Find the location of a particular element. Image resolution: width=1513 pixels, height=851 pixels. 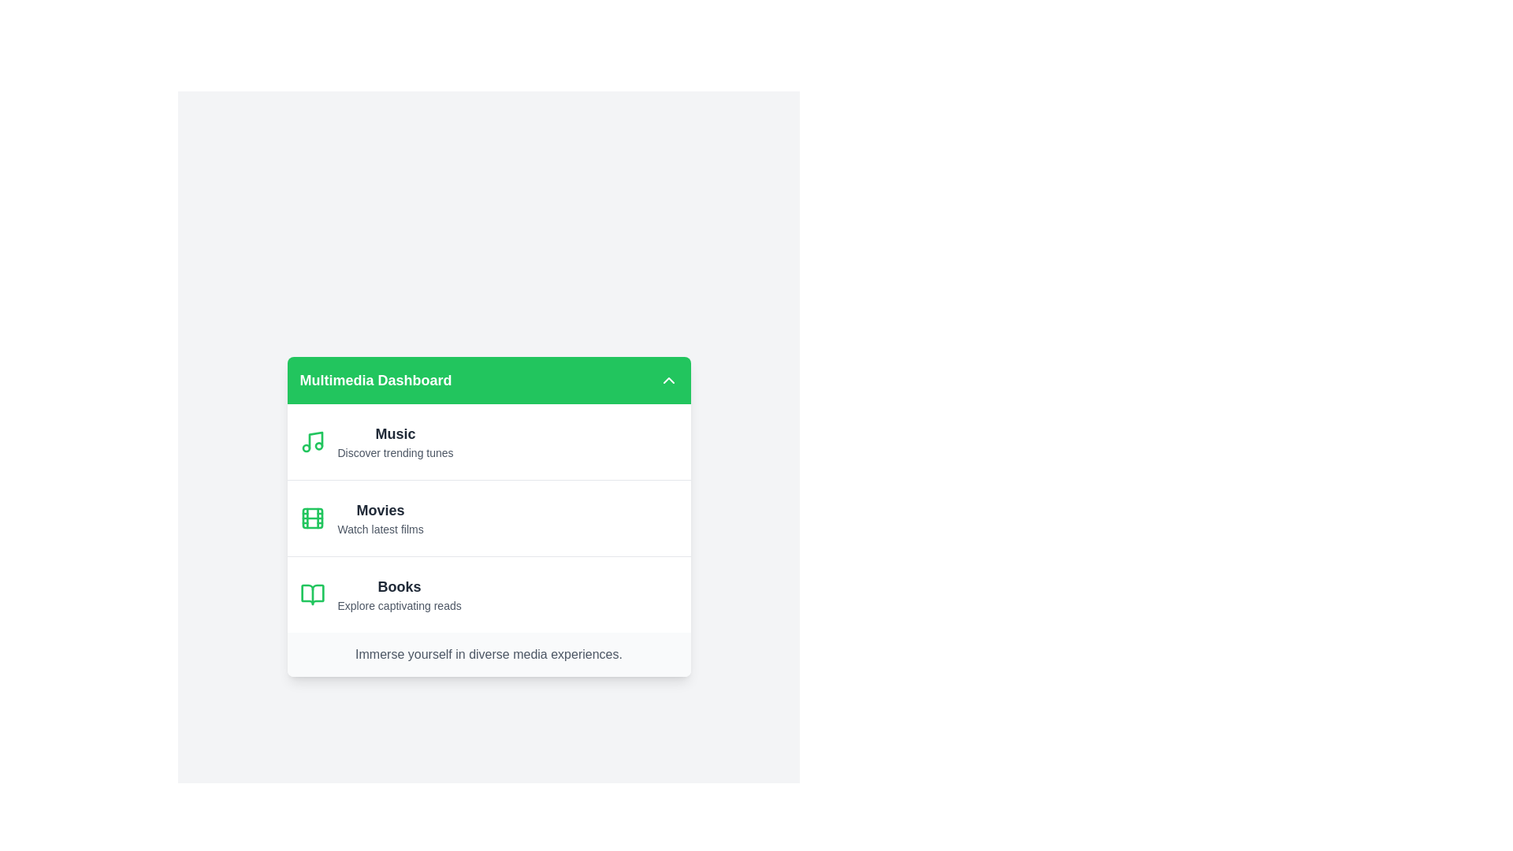

the icon corresponding to Music to view its details is located at coordinates (312, 441).